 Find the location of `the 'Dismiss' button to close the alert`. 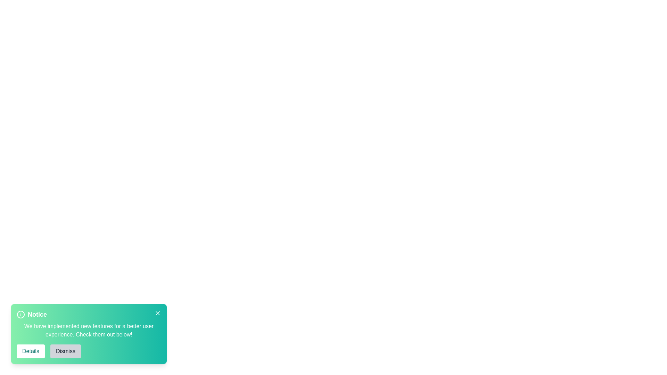

the 'Dismiss' button to close the alert is located at coordinates (65, 351).